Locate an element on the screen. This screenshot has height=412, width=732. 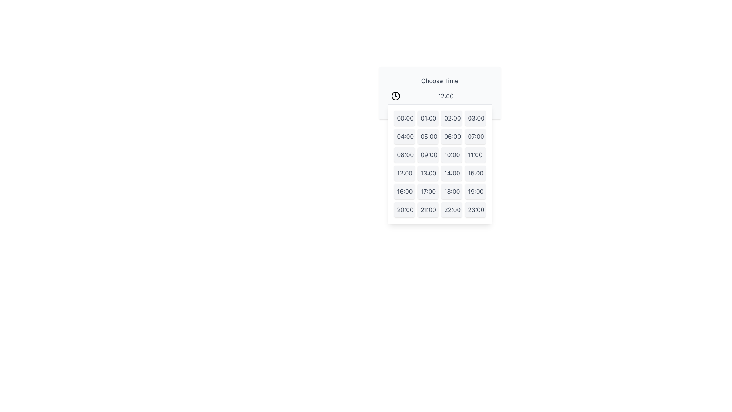
the rectangular button displaying '05:00' in dark gray on a light gray background, located in the second column and second row of the grid layout within the dropdown component is located at coordinates (428, 136).